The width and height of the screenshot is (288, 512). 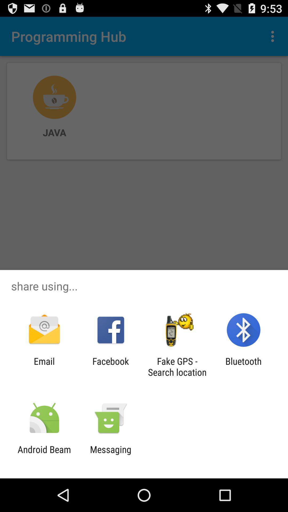 What do you see at coordinates (177, 366) in the screenshot?
I see `the icon to the left of the bluetooth item` at bounding box center [177, 366].